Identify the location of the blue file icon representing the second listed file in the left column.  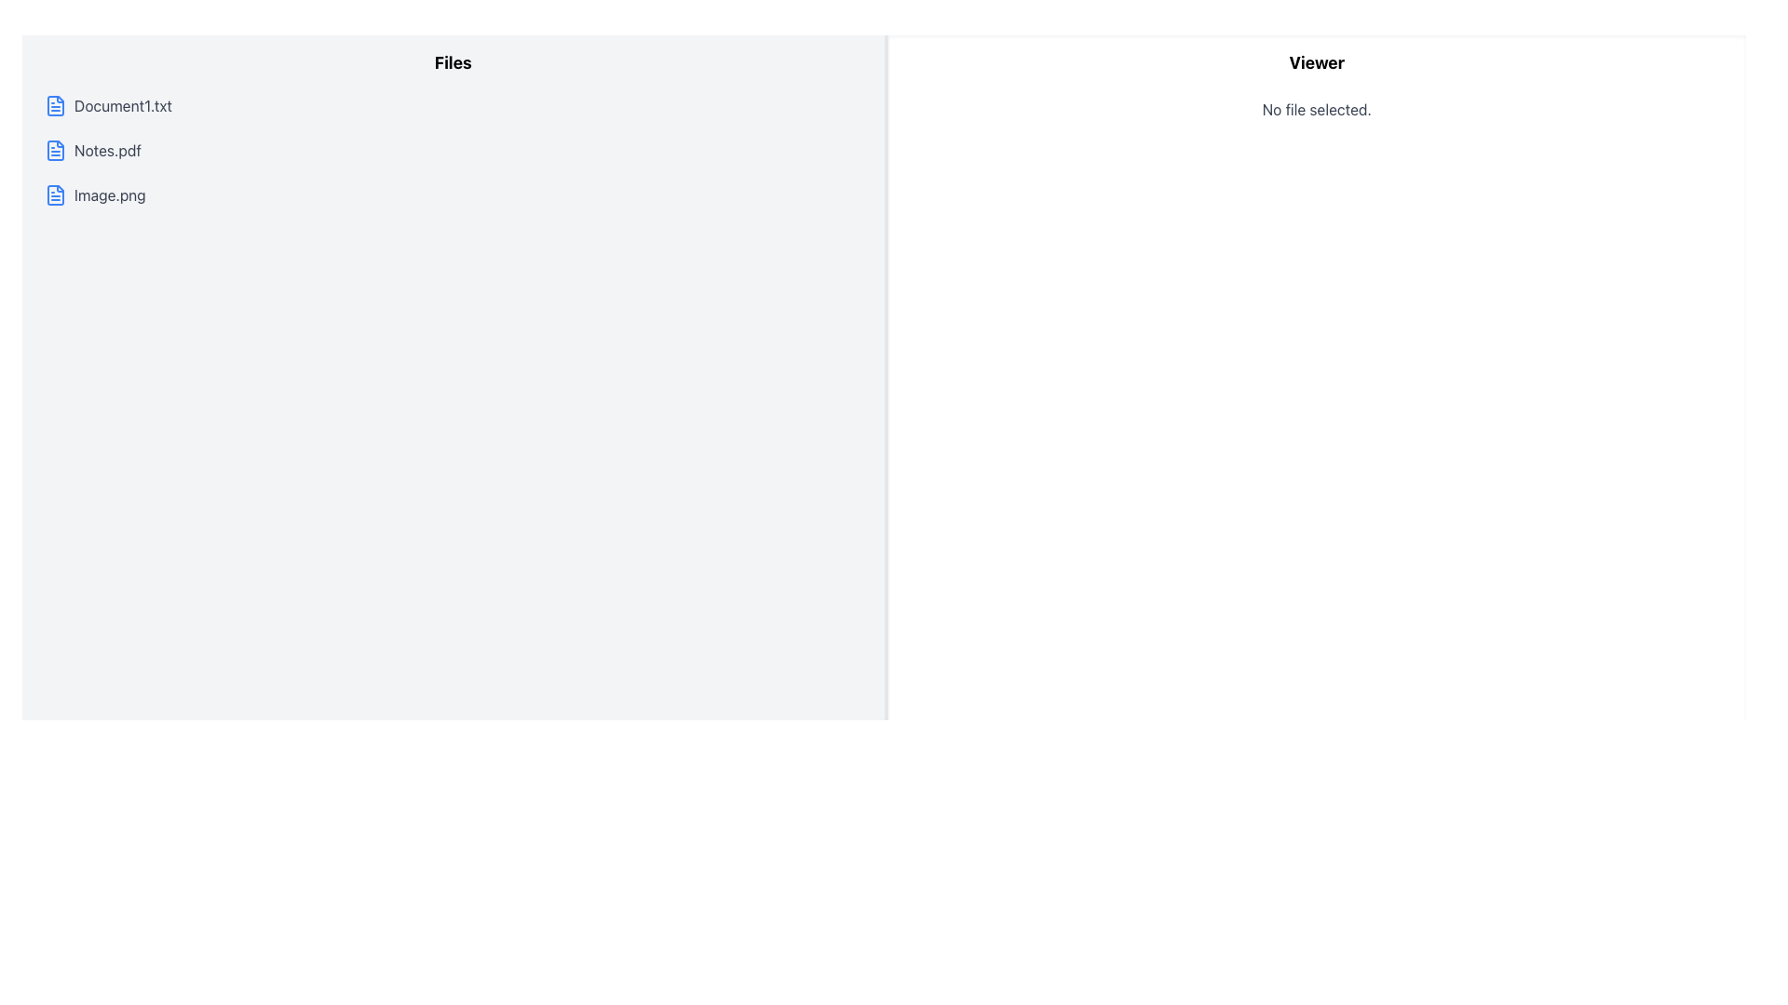
(55, 150).